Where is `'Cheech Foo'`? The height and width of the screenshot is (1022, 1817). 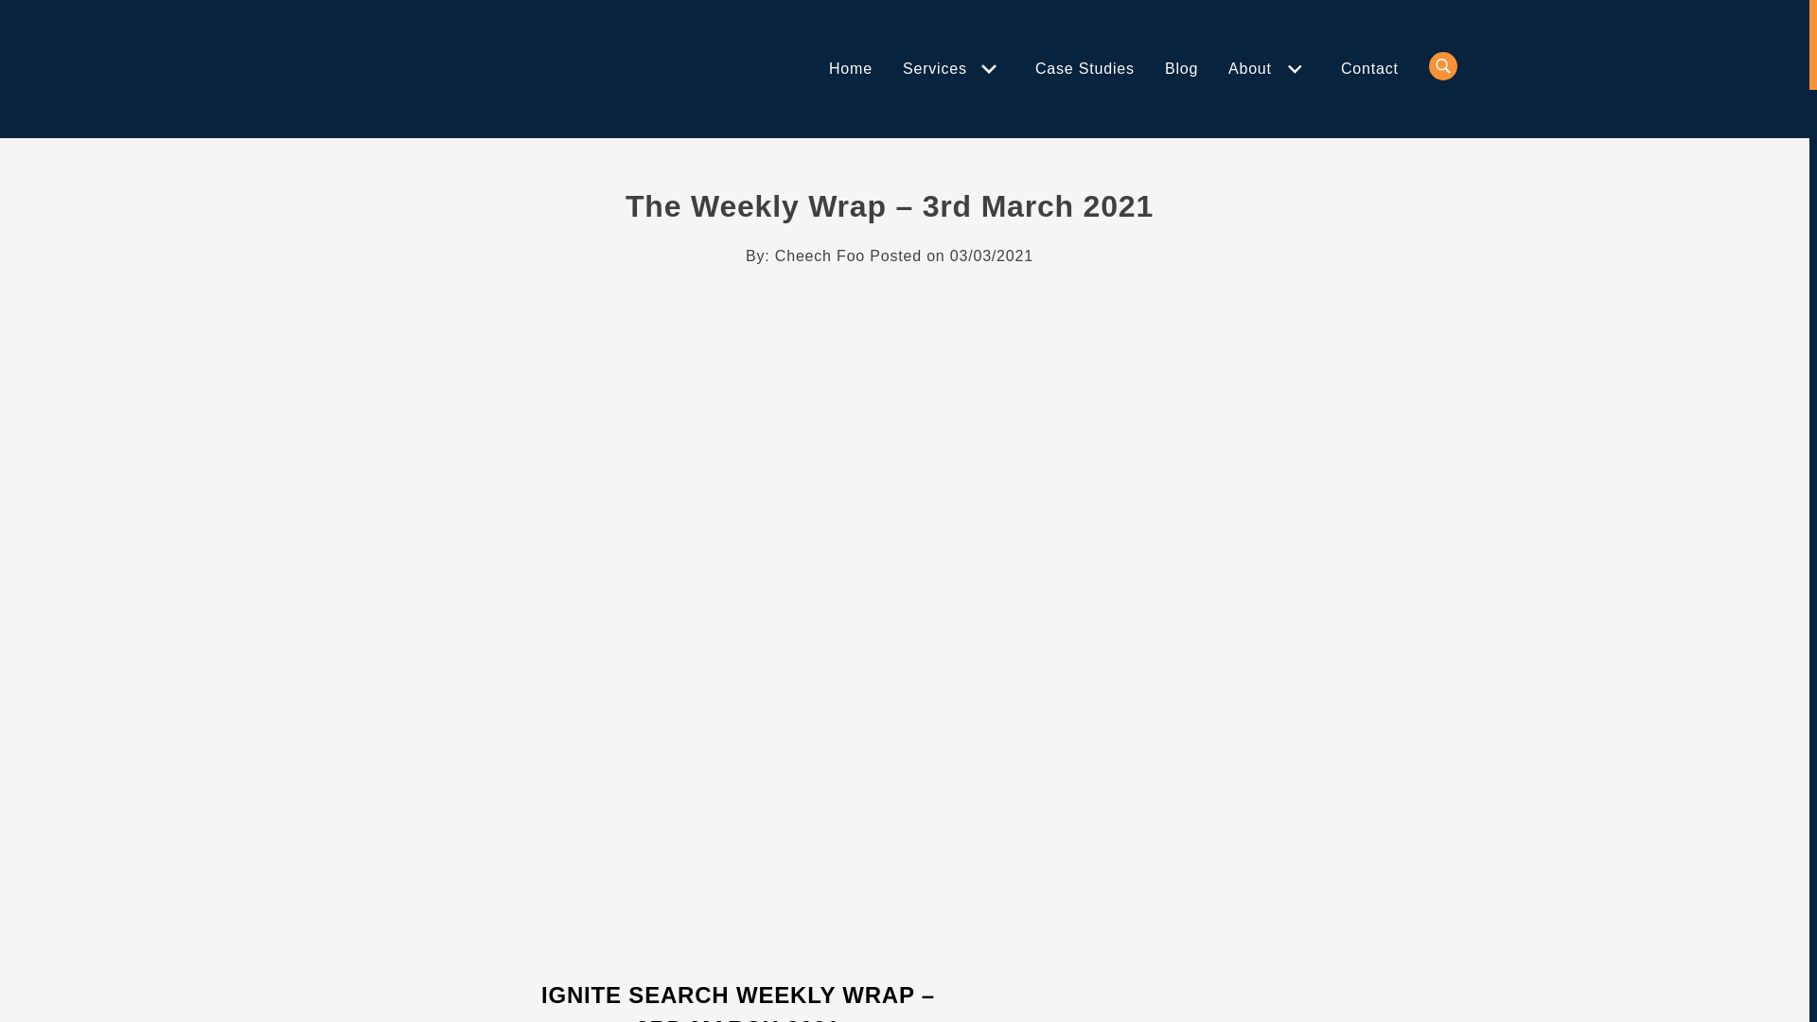 'Cheech Foo' is located at coordinates (820, 255).